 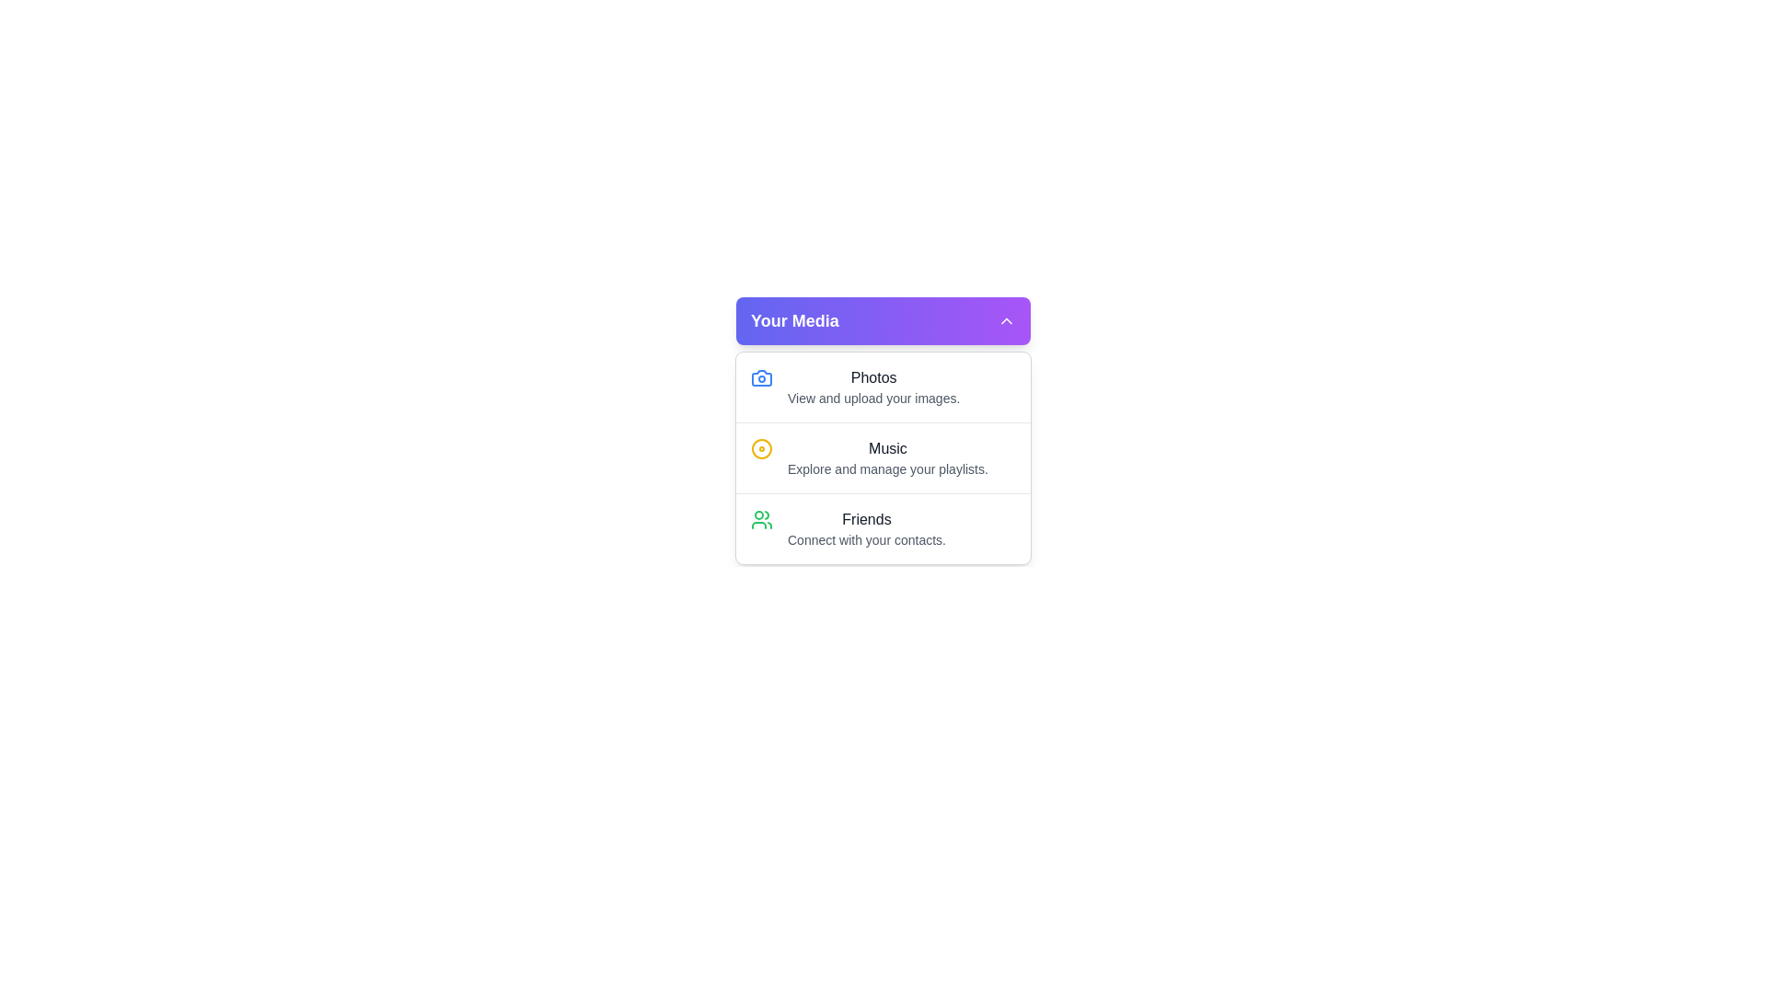 What do you see at coordinates (887, 457) in the screenshot?
I see `the 'Music' text block, which features a bold heading and a descriptive subtitle, located in the middle of the list within the 'Your Media' section` at bounding box center [887, 457].